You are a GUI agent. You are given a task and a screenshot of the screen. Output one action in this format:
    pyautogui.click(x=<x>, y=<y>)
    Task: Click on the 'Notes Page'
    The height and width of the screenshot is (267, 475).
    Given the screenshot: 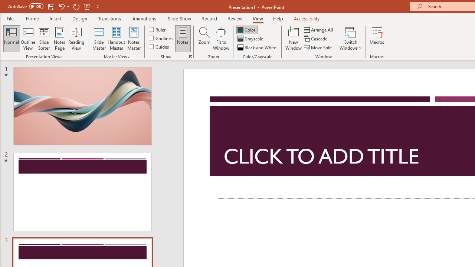 What is the action you would take?
    pyautogui.click(x=59, y=39)
    